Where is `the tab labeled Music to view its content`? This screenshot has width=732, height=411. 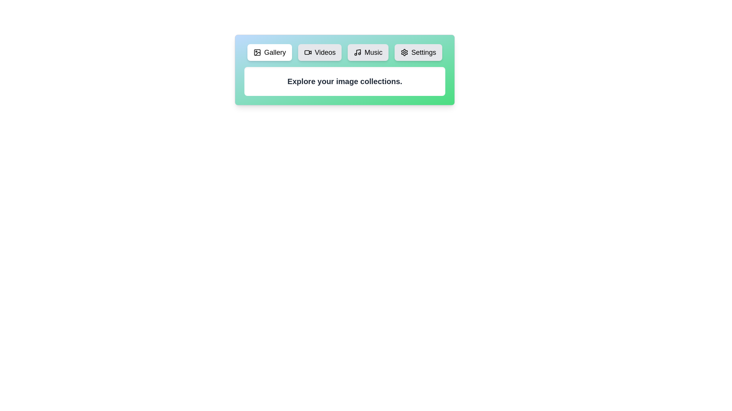
the tab labeled Music to view its content is located at coordinates (368, 52).